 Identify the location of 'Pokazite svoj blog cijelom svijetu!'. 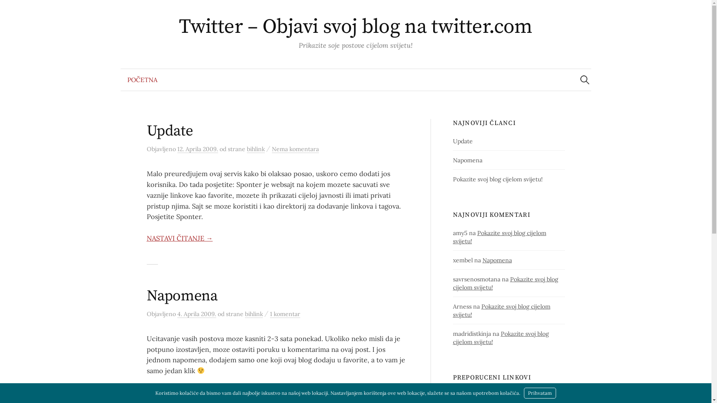
(505, 283).